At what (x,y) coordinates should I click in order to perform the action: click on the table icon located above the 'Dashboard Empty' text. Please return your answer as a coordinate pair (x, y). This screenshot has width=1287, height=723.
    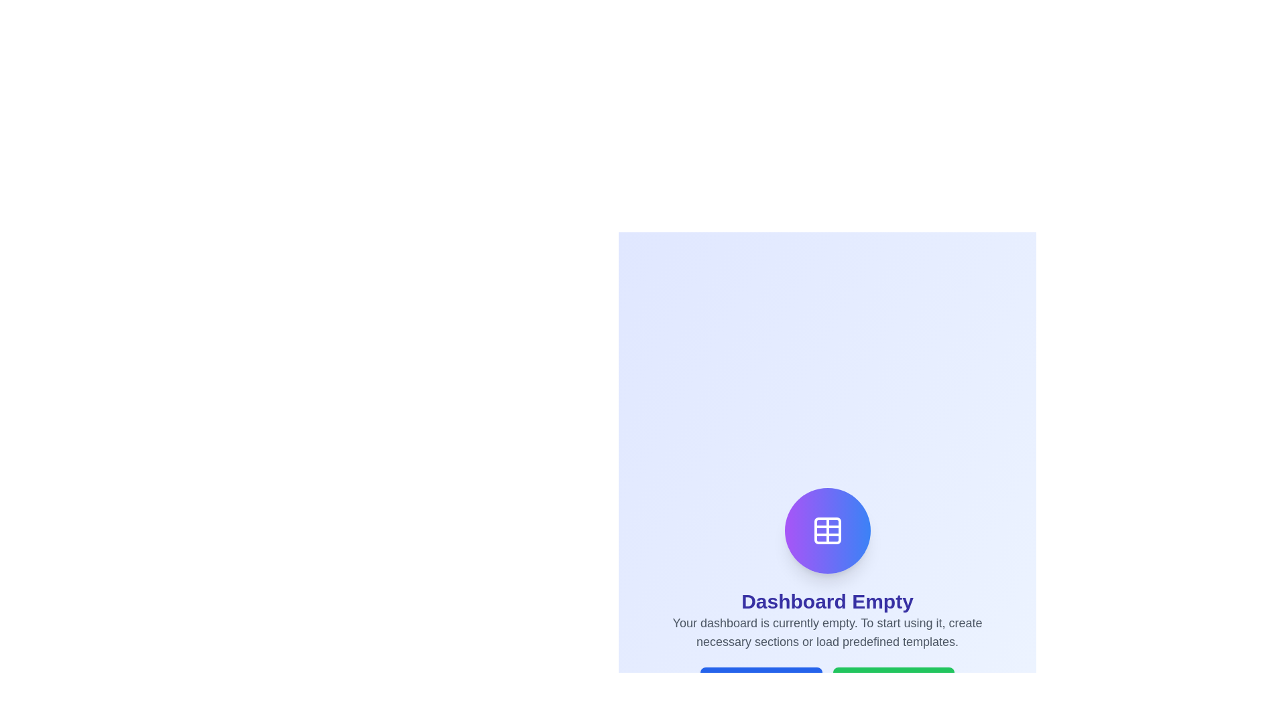
    Looking at the image, I should click on (826, 530).